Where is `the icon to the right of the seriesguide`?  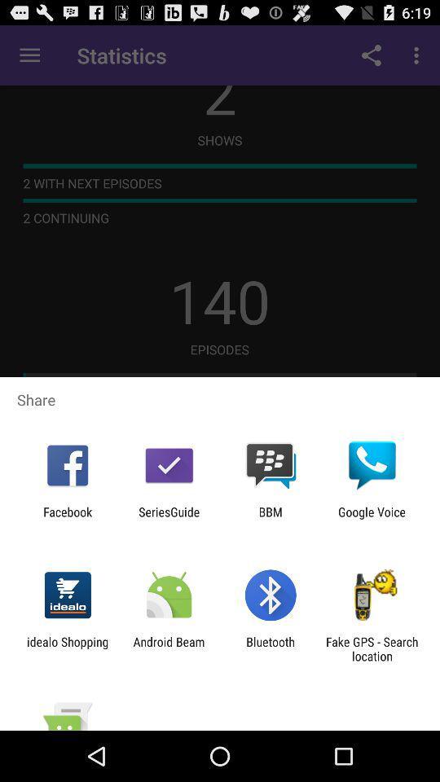
the icon to the right of the seriesguide is located at coordinates (271, 518).